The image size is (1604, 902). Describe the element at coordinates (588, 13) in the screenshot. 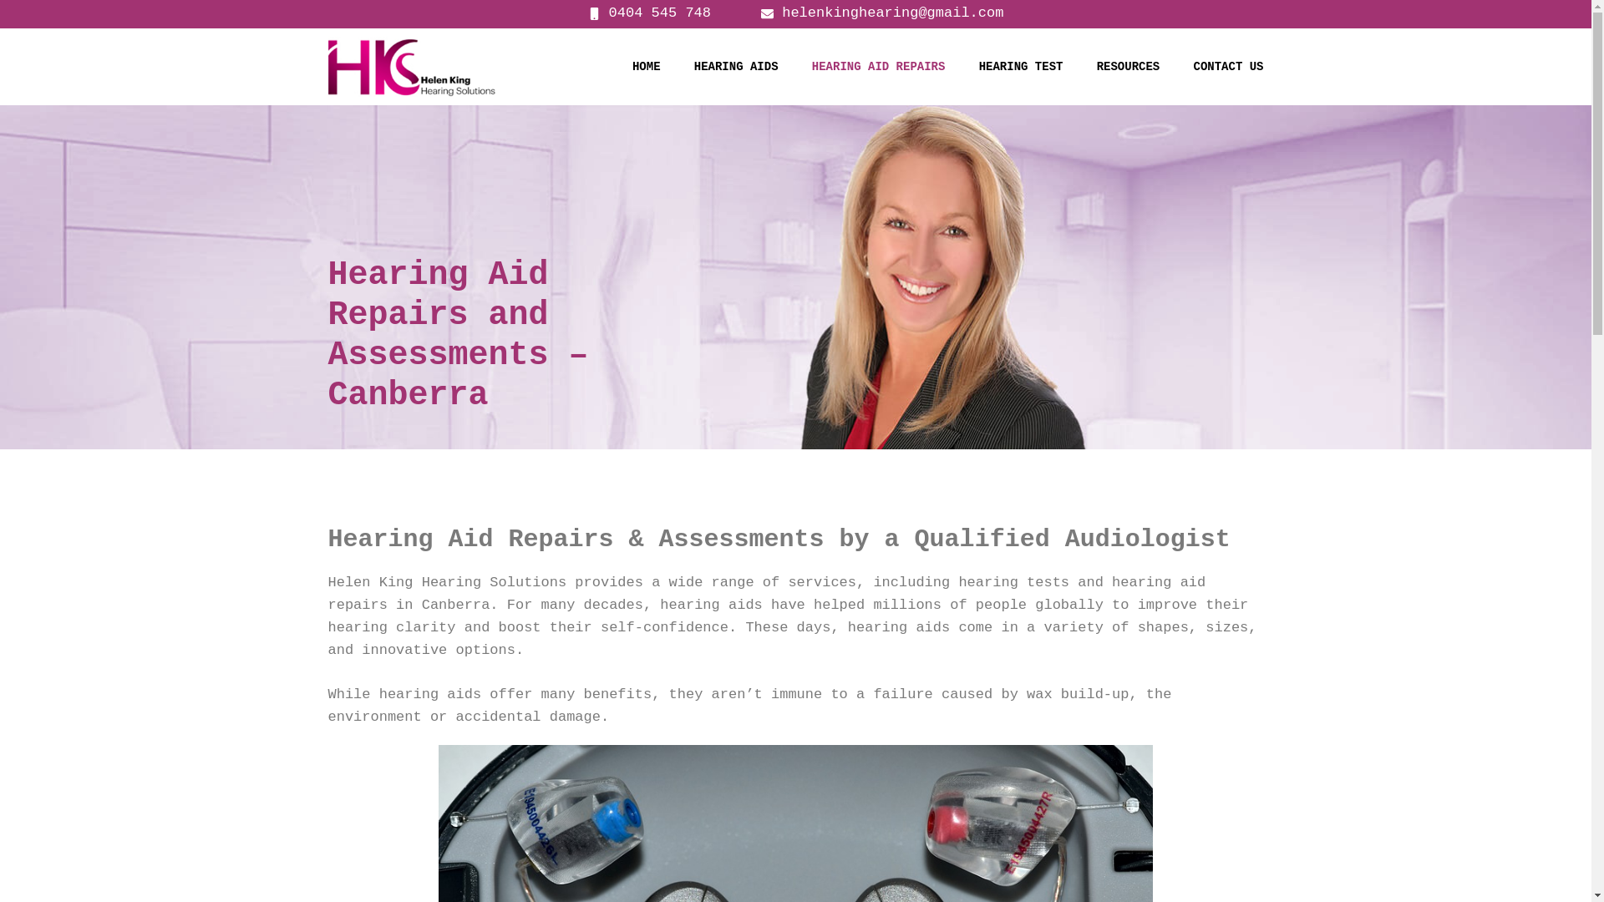

I see `'0404 545 748'` at that location.